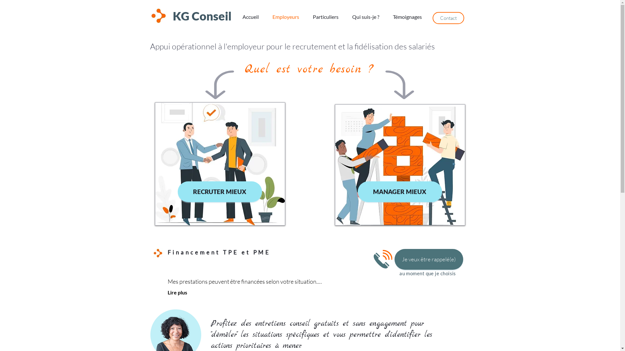 The height and width of the screenshot is (351, 625). Describe the element at coordinates (327, 18) in the screenshot. I see `'Particuliers'` at that location.